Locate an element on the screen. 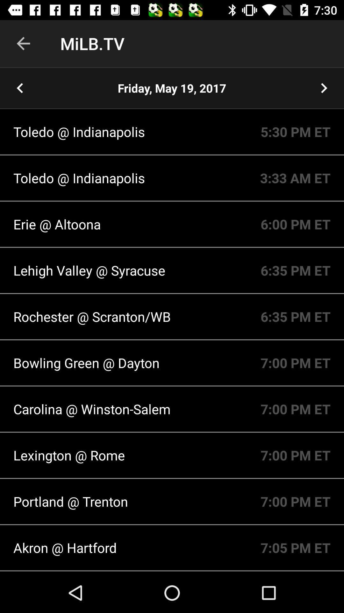 The image size is (344, 613). the next day is located at coordinates (324, 87).